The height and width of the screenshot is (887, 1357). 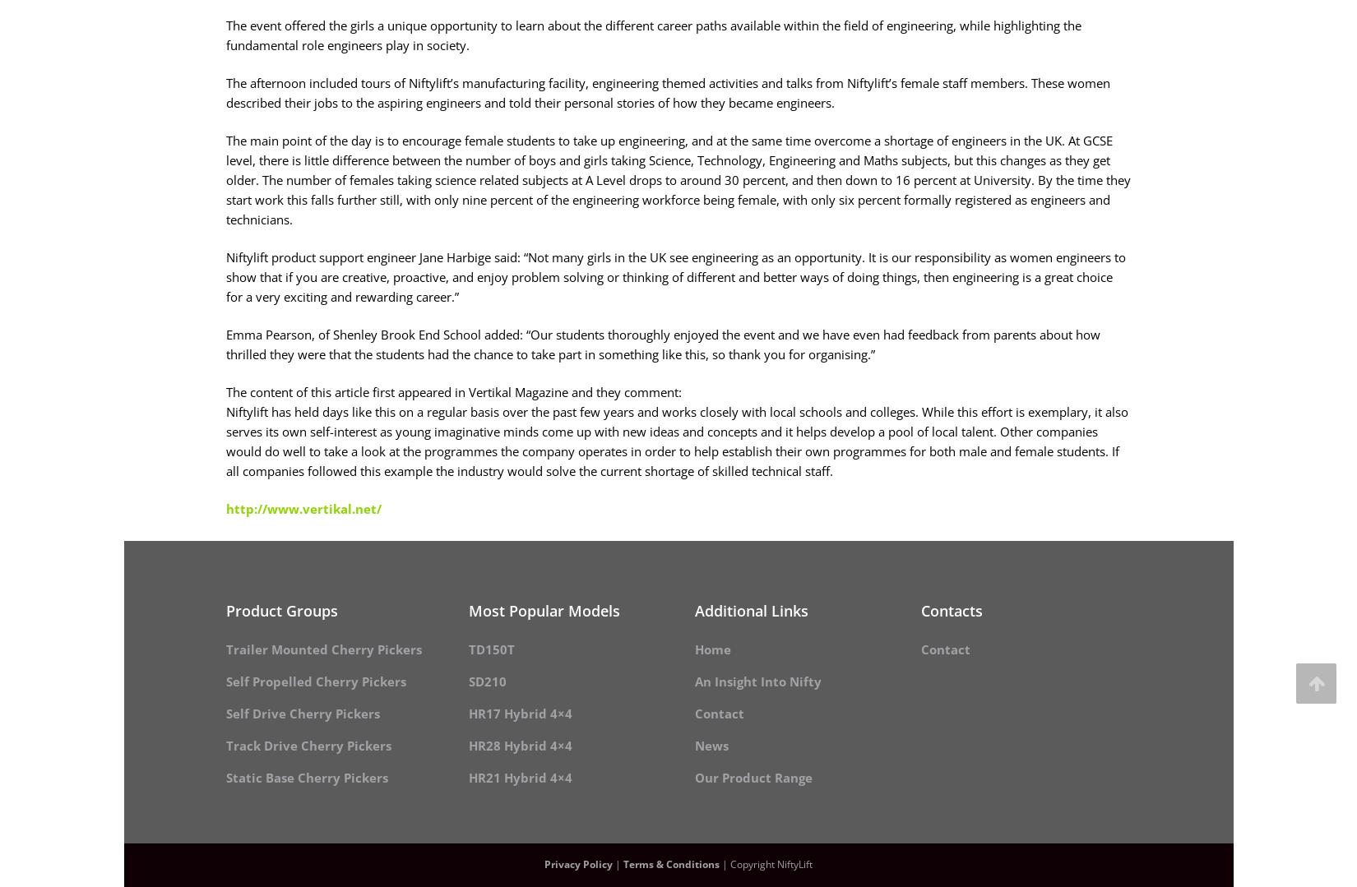 I want to click on 'TD150T', so click(x=490, y=648).